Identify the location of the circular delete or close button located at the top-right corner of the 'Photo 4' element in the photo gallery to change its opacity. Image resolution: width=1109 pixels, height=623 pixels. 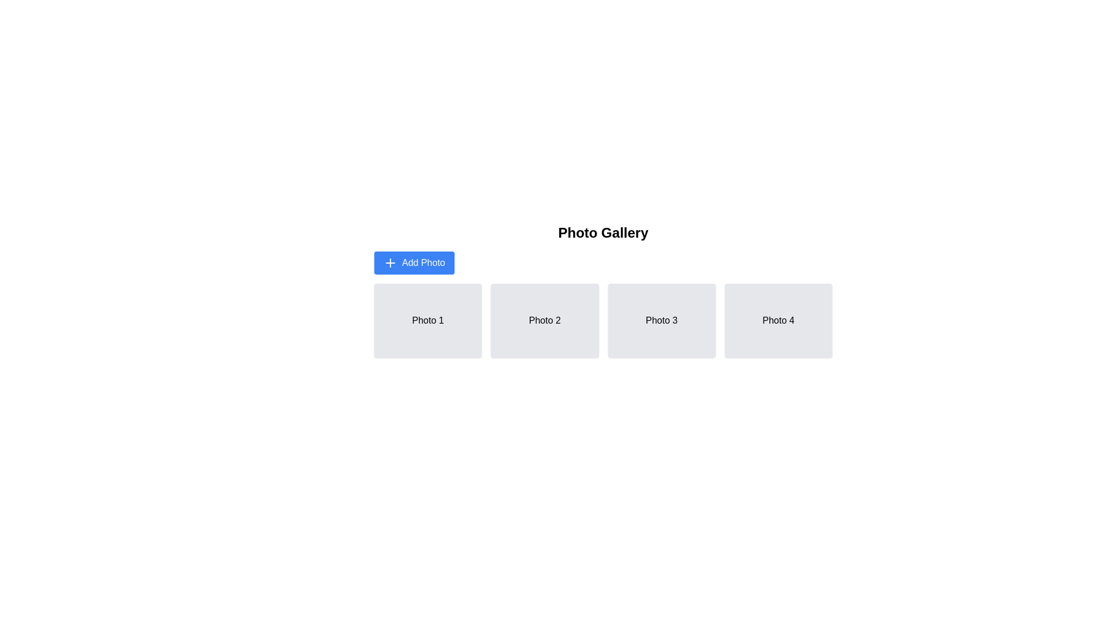
(823, 292).